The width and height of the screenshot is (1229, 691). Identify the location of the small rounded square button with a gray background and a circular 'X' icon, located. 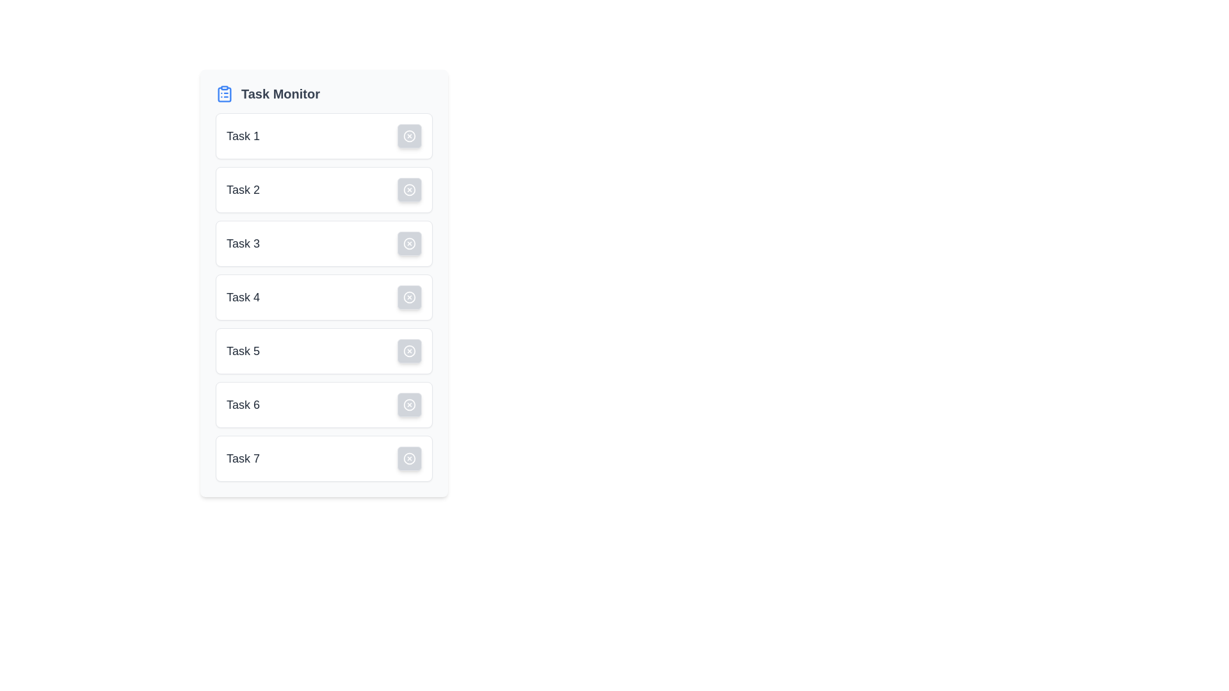
(408, 298).